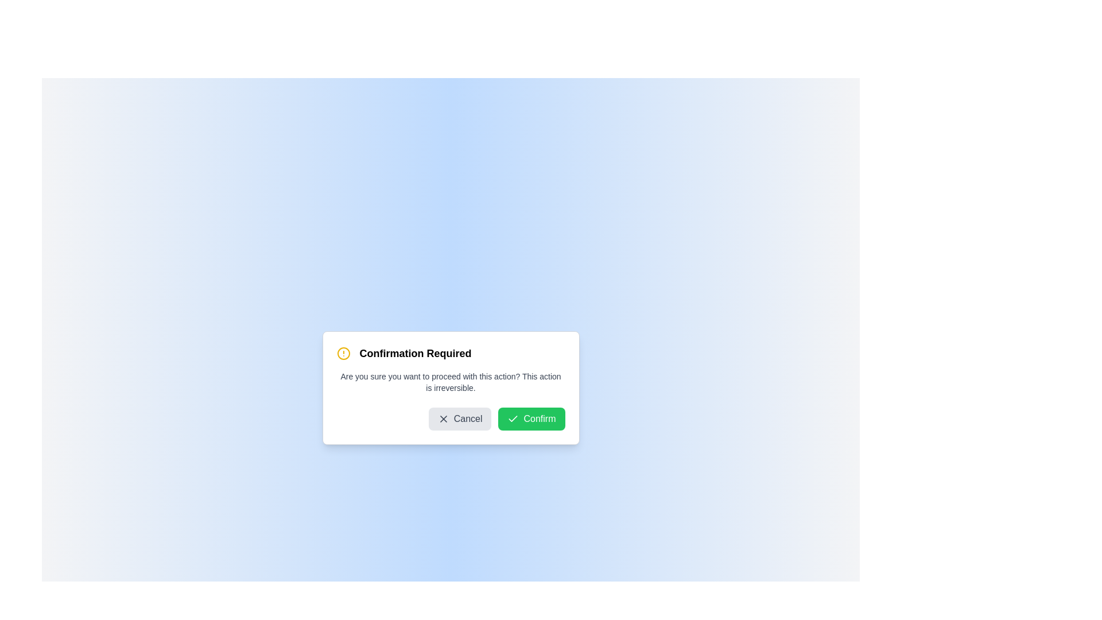 This screenshot has width=1102, height=620. What do you see at coordinates (531, 418) in the screenshot?
I see `the 'Confirm' button with a green background and white text that reads 'Confirm' to confirm the action` at bounding box center [531, 418].